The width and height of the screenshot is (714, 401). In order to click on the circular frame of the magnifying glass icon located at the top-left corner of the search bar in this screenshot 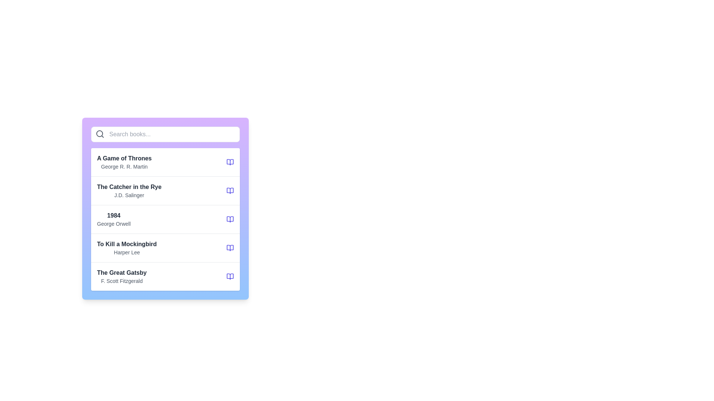, I will do `click(99, 133)`.